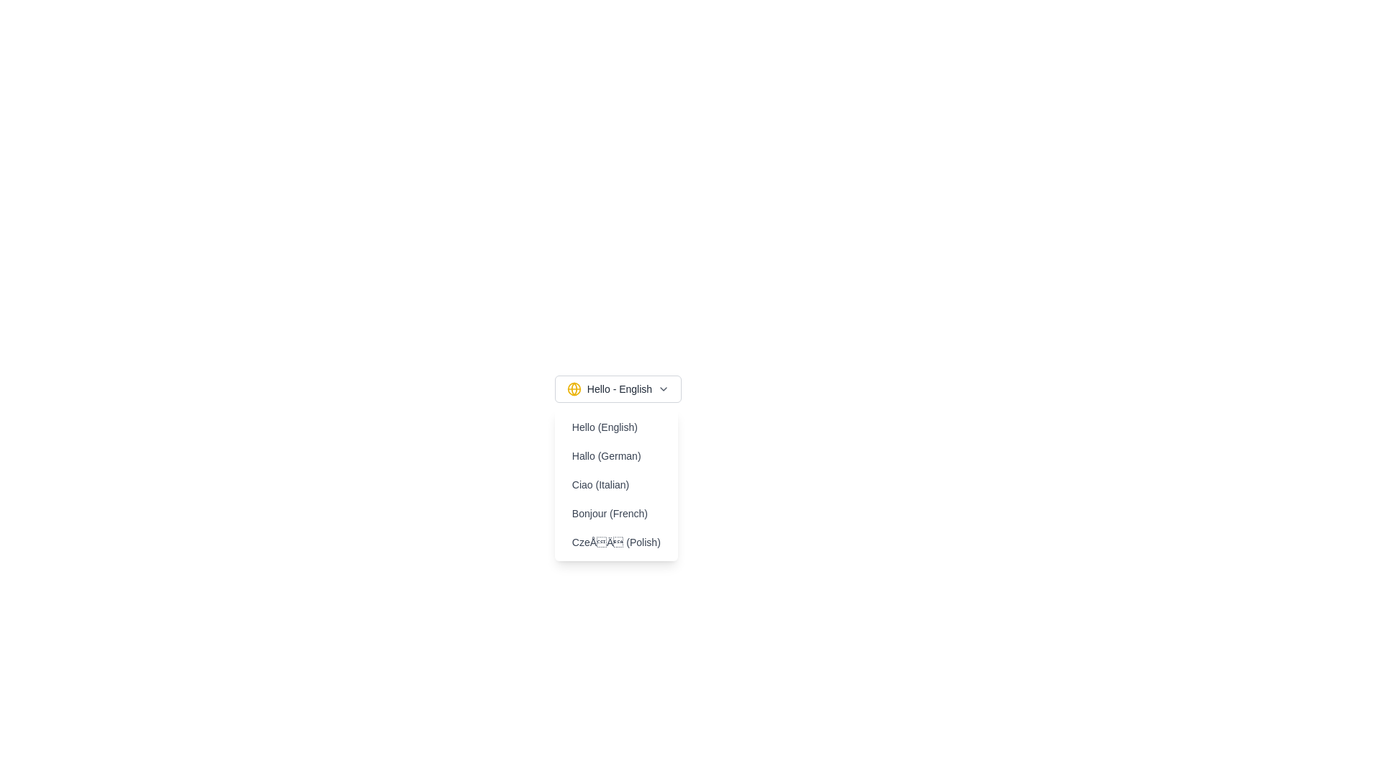 The width and height of the screenshot is (1382, 777). What do you see at coordinates (616, 427) in the screenshot?
I see `the first menu item labeled 'Hello (English)' in the dropdown menu` at bounding box center [616, 427].